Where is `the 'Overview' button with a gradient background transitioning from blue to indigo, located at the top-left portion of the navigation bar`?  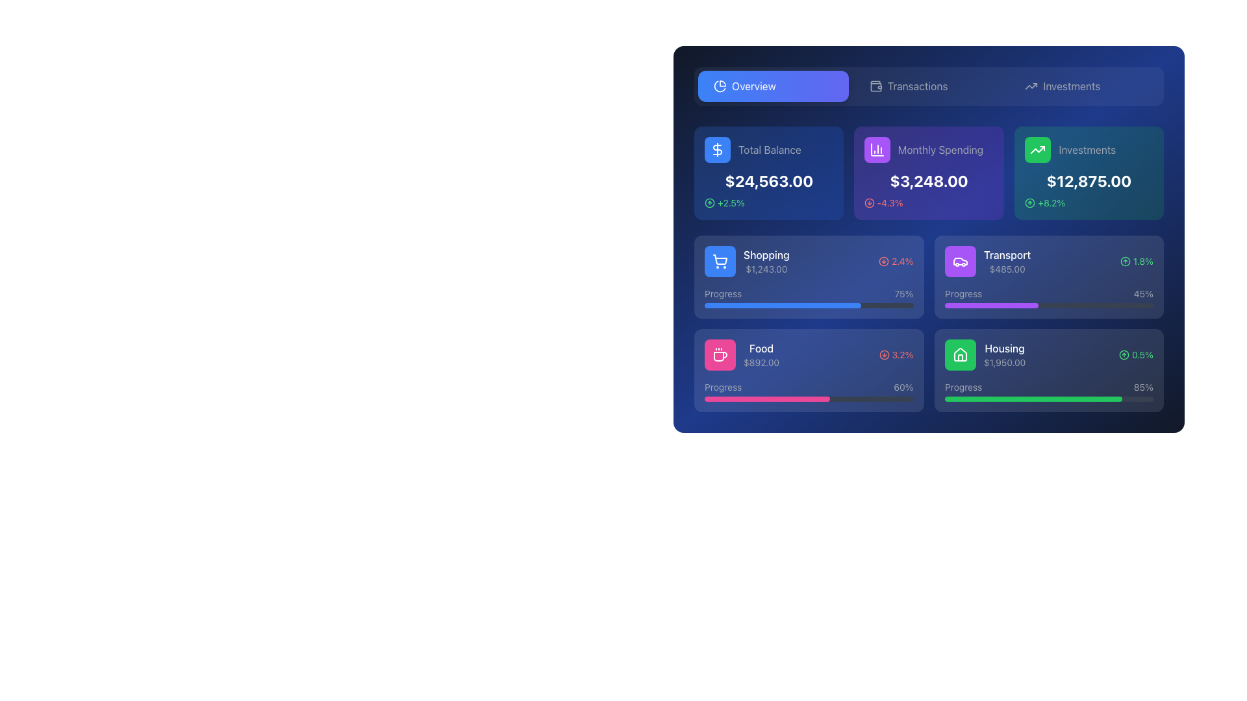 the 'Overview' button with a gradient background transitioning from blue to indigo, located at the top-left portion of the navigation bar is located at coordinates (773, 86).